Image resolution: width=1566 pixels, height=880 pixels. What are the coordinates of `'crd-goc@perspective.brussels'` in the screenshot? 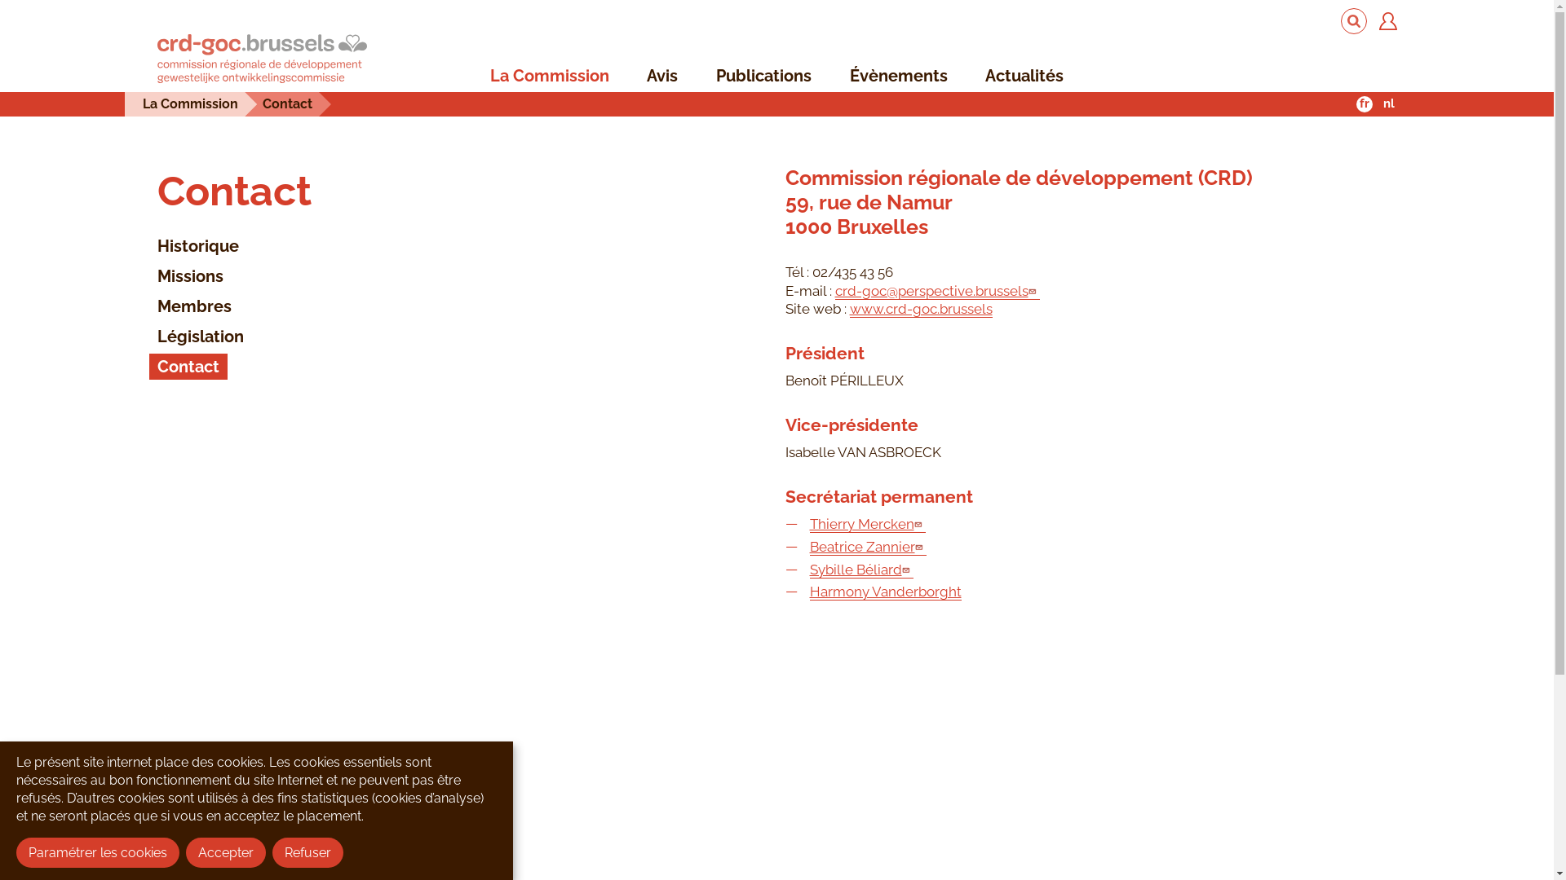 It's located at (937, 290).